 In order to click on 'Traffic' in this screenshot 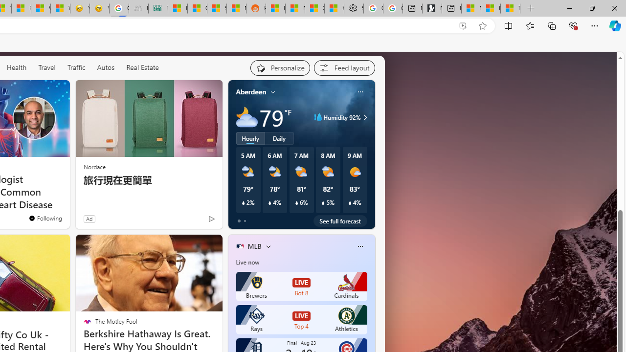, I will do `click(76, 67)`.